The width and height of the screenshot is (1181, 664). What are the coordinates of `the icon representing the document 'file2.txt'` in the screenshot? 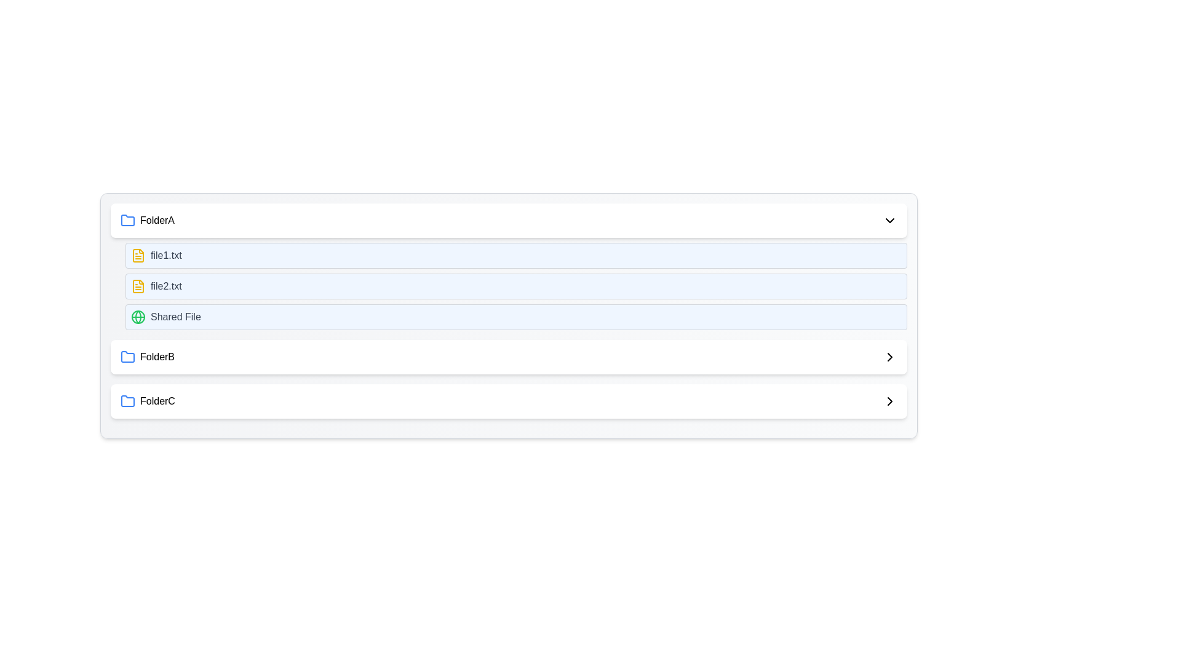 It's located at (138, 287).